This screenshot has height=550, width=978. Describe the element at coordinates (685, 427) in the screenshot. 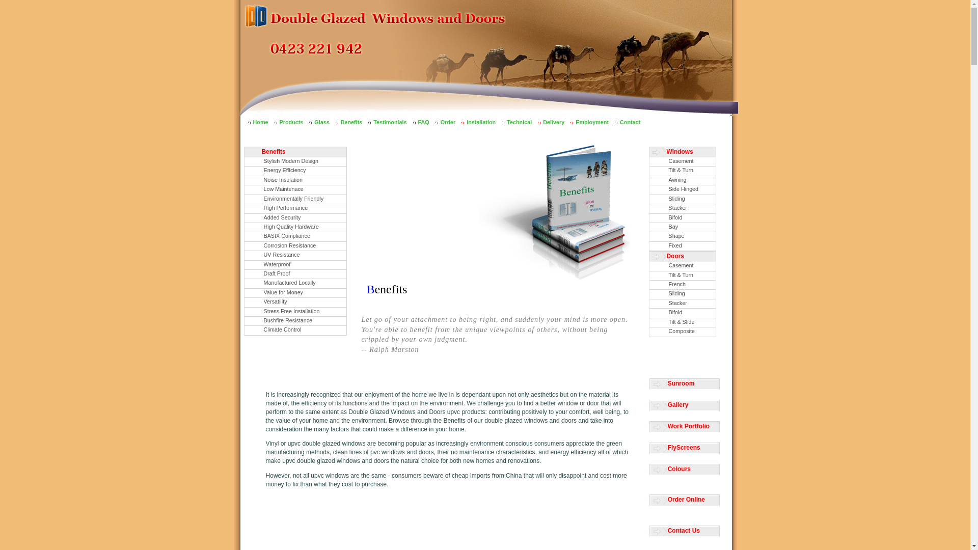

I see `'Work Portfolio'` at that location.